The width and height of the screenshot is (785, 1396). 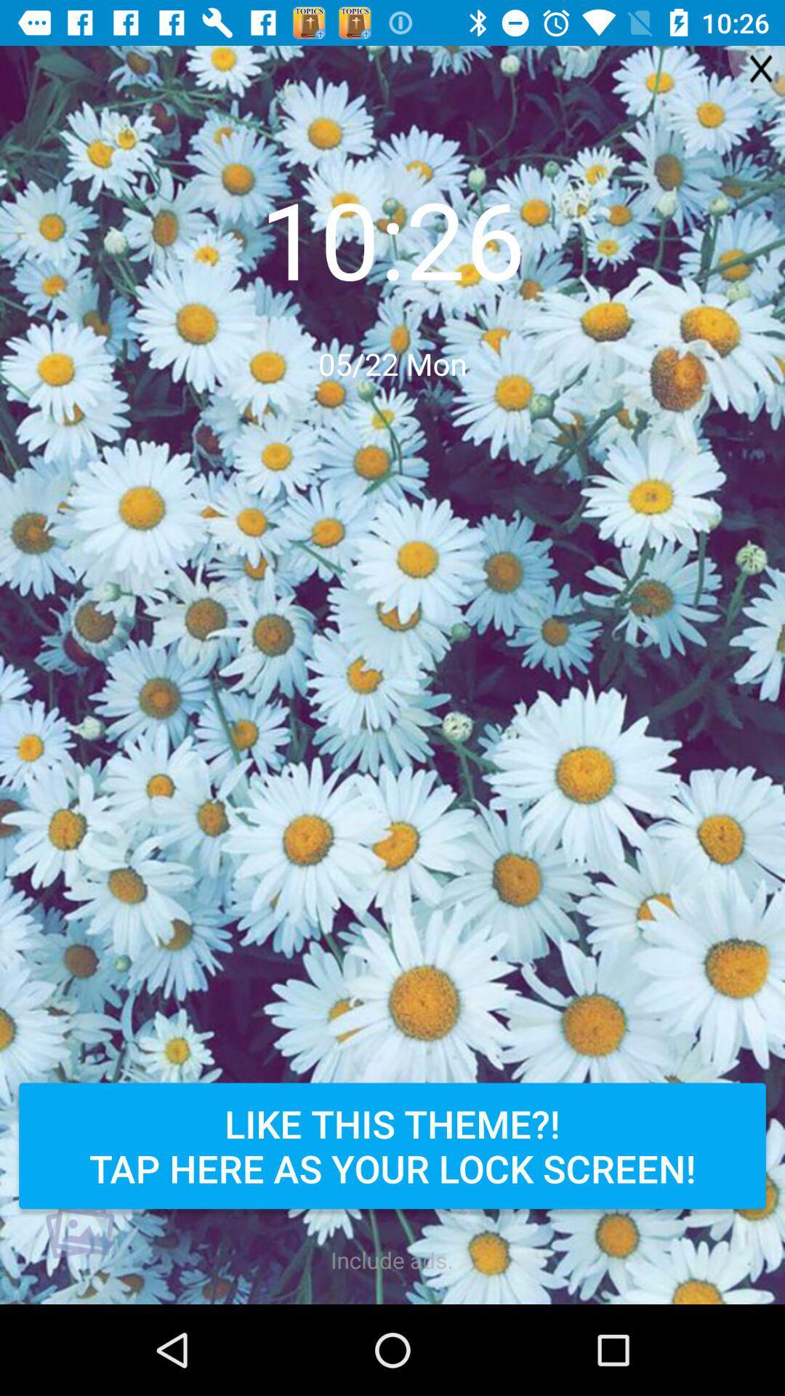 I want to click on the close icon, so click(x=755, y=73).